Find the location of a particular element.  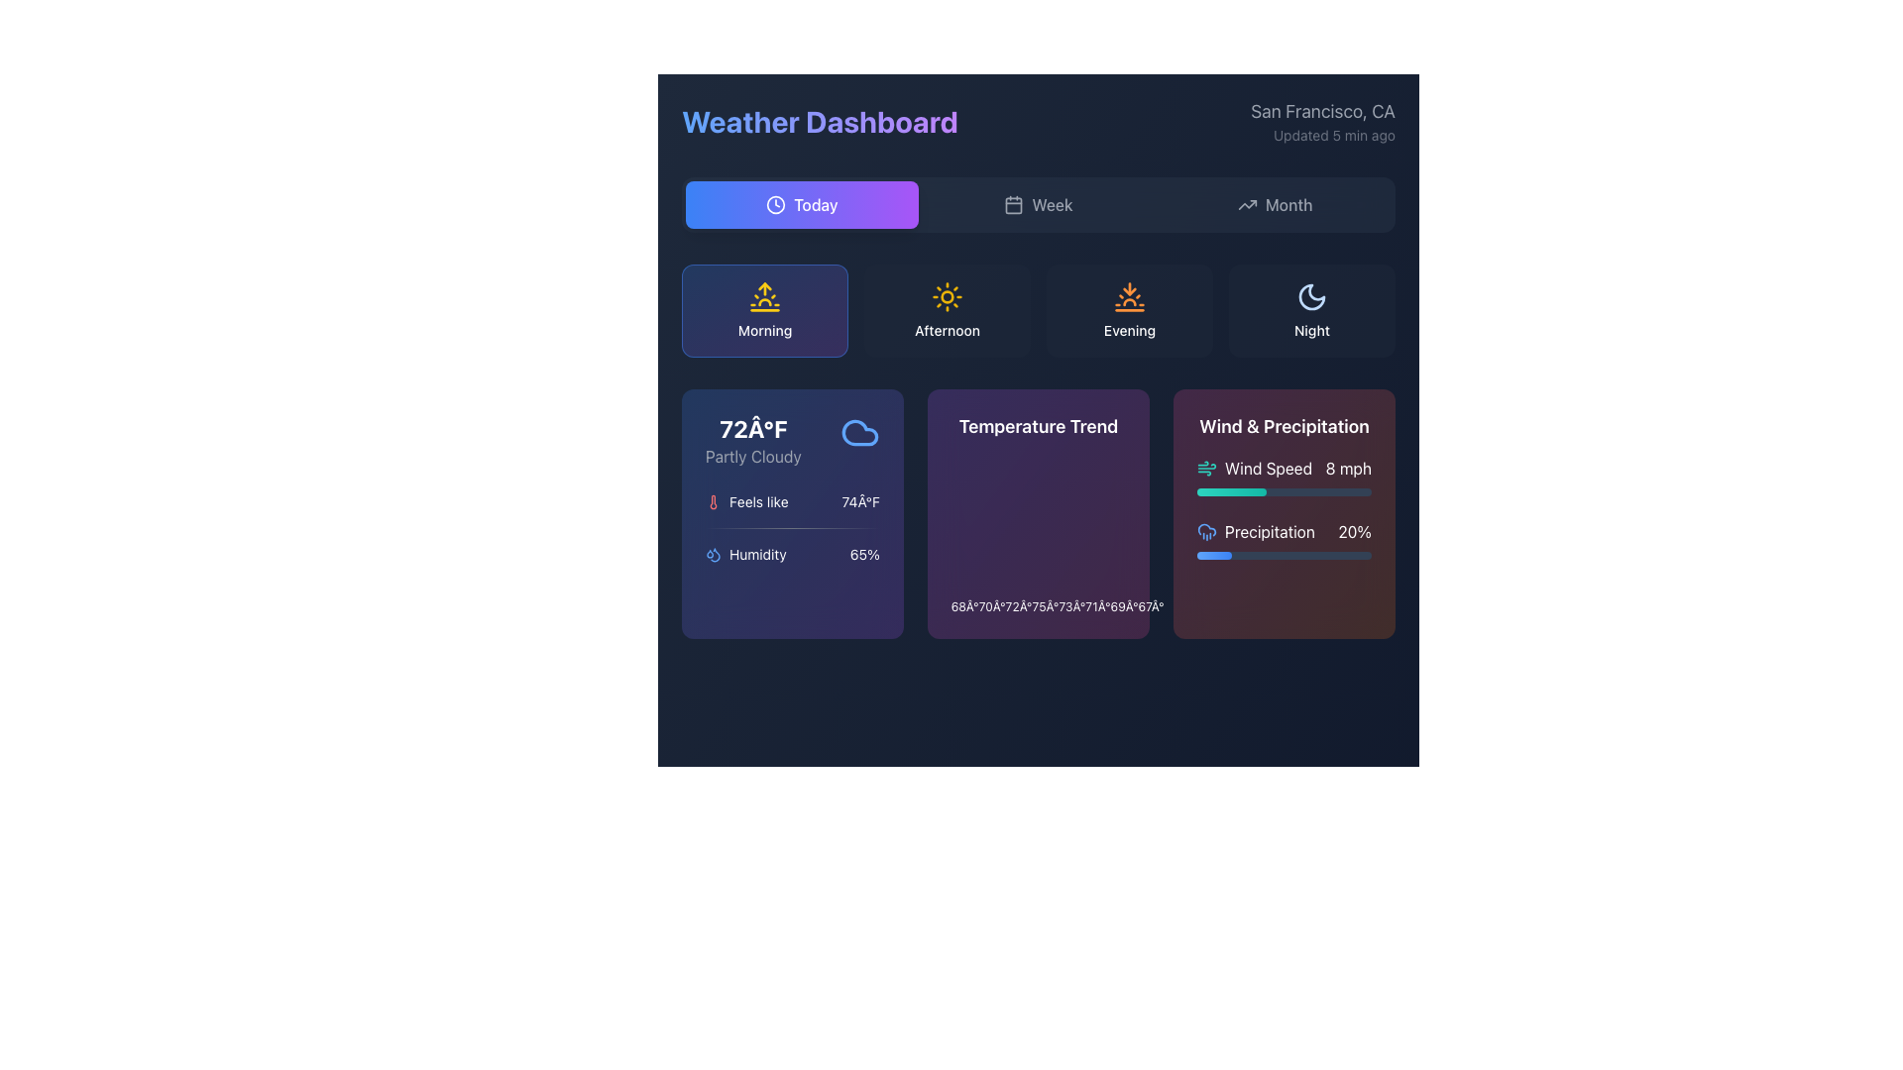

the text label indicating the afternoon time slot is located at coordinates (946, 330).